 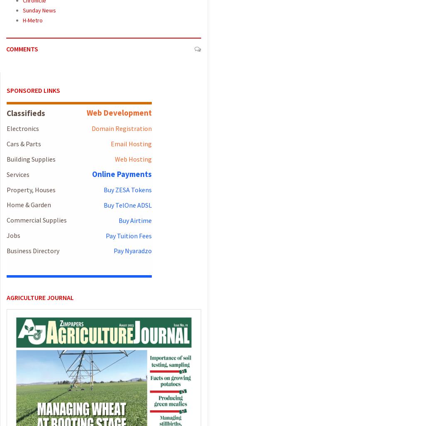 What do you see at coordinates (132, 250) in the screenshot?
I see `'Pay Nyaradzo'` at bounding box center [132, 250].